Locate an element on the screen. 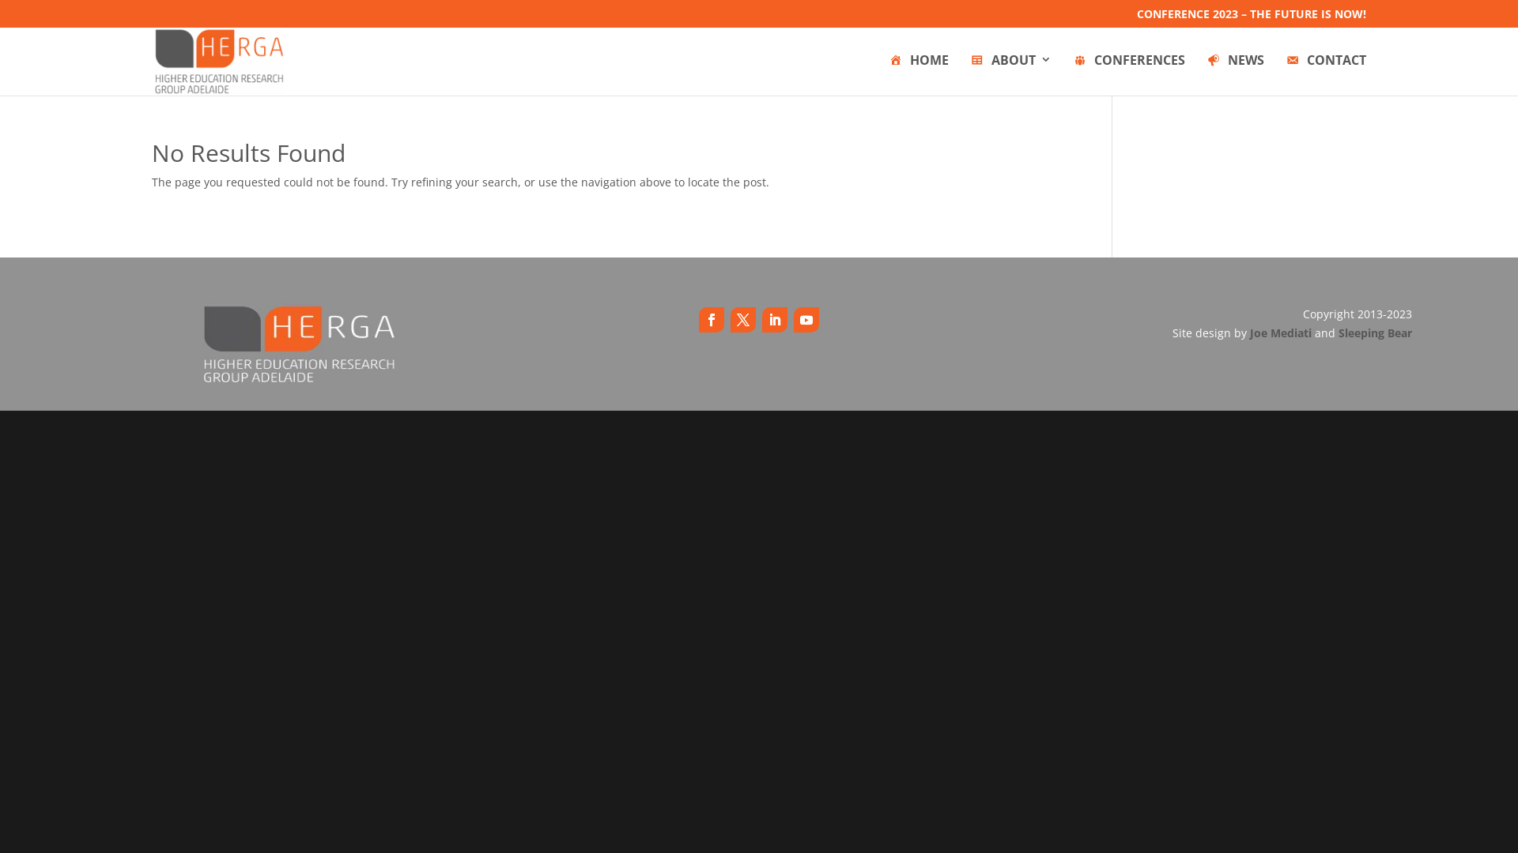 Image resolution: width=1518 pixels, height=853 pixels. 'CONFERENCES' is located at coordinates (1127, 74).